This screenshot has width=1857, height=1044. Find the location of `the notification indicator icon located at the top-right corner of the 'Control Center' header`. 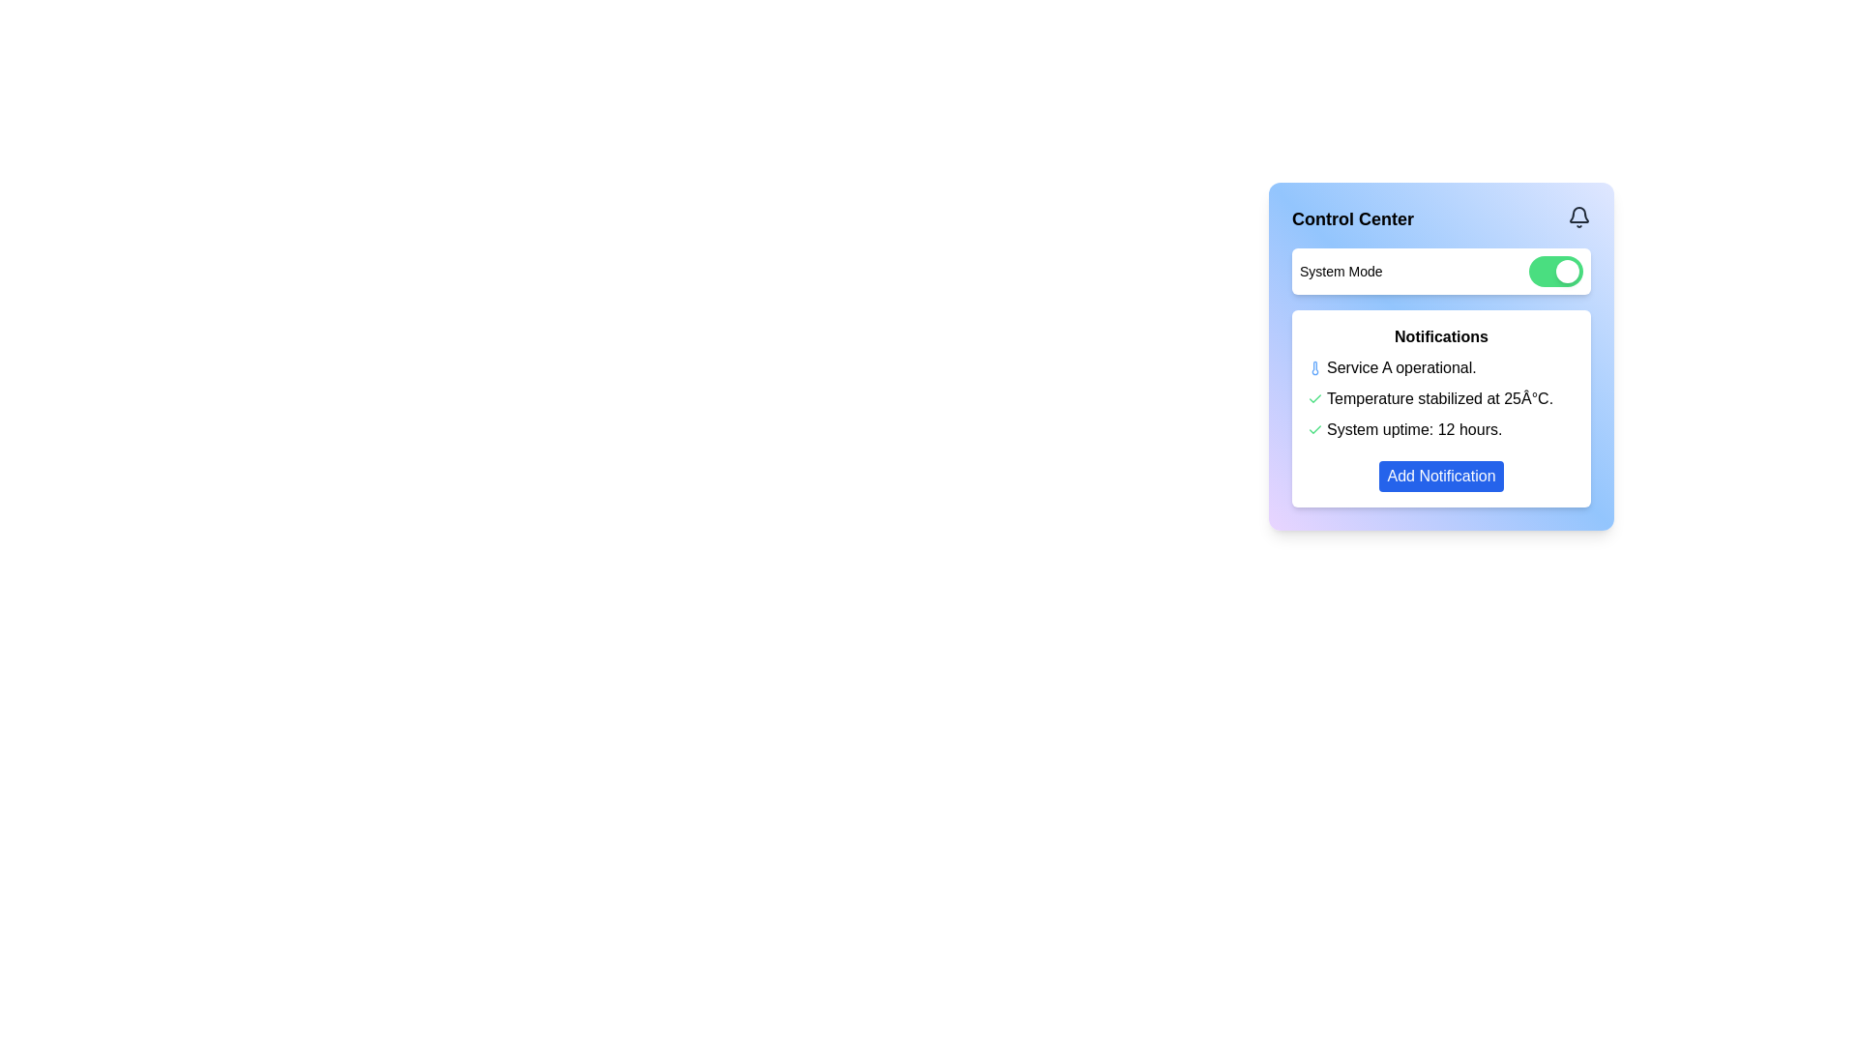

the notification indicator icon located at the top-right corner of the 'Control Center' header is located at coordinates (1578, 217).